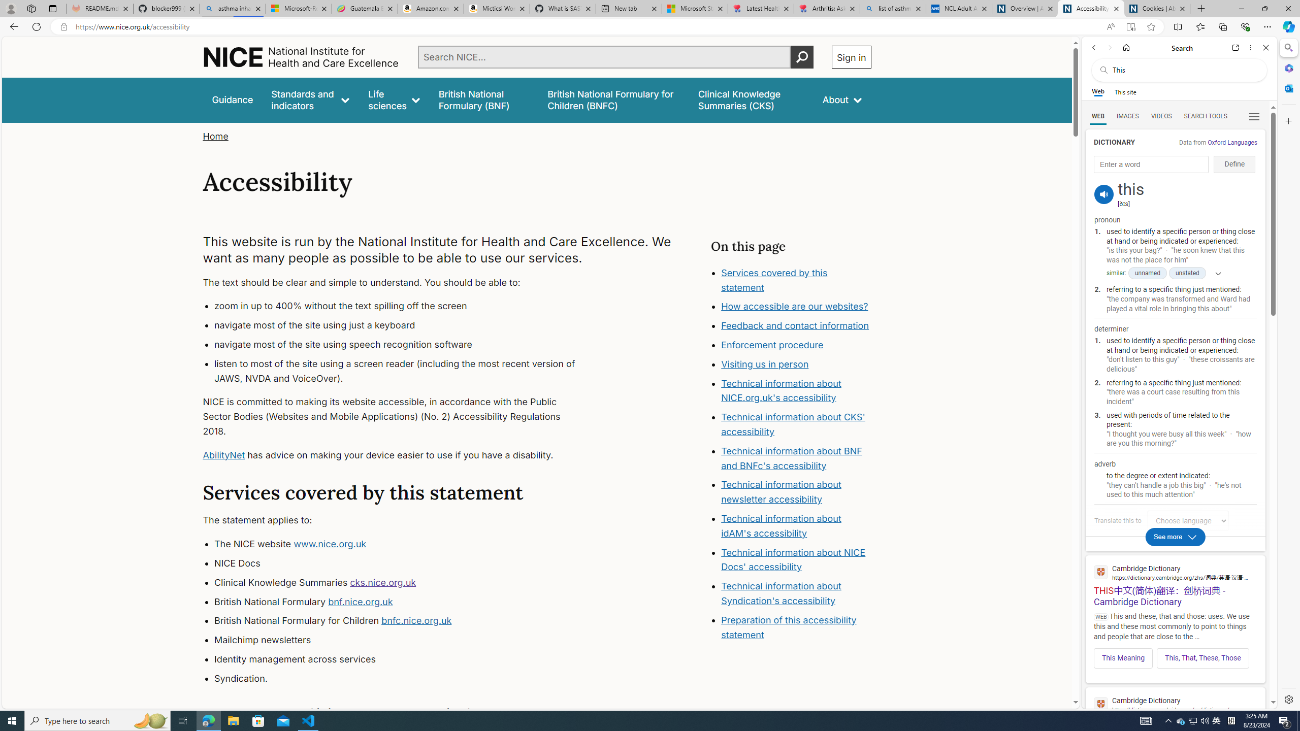  I want to click on 'Link for logging', so click(1190, 520).